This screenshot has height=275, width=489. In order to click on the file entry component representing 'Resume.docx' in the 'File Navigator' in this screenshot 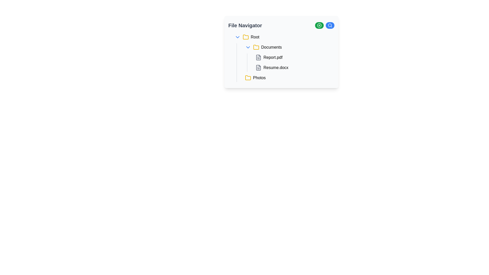, I will do `click(294, 67)`.